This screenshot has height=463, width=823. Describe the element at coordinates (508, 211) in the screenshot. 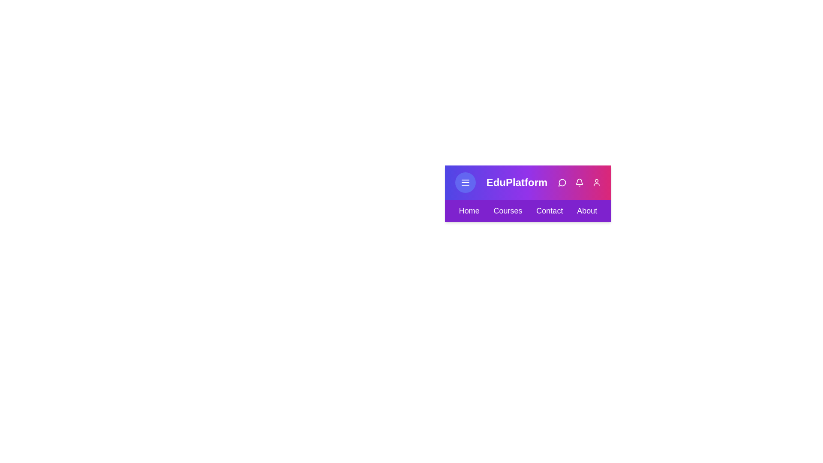

I see `the Courses navigation menu item` at that location.